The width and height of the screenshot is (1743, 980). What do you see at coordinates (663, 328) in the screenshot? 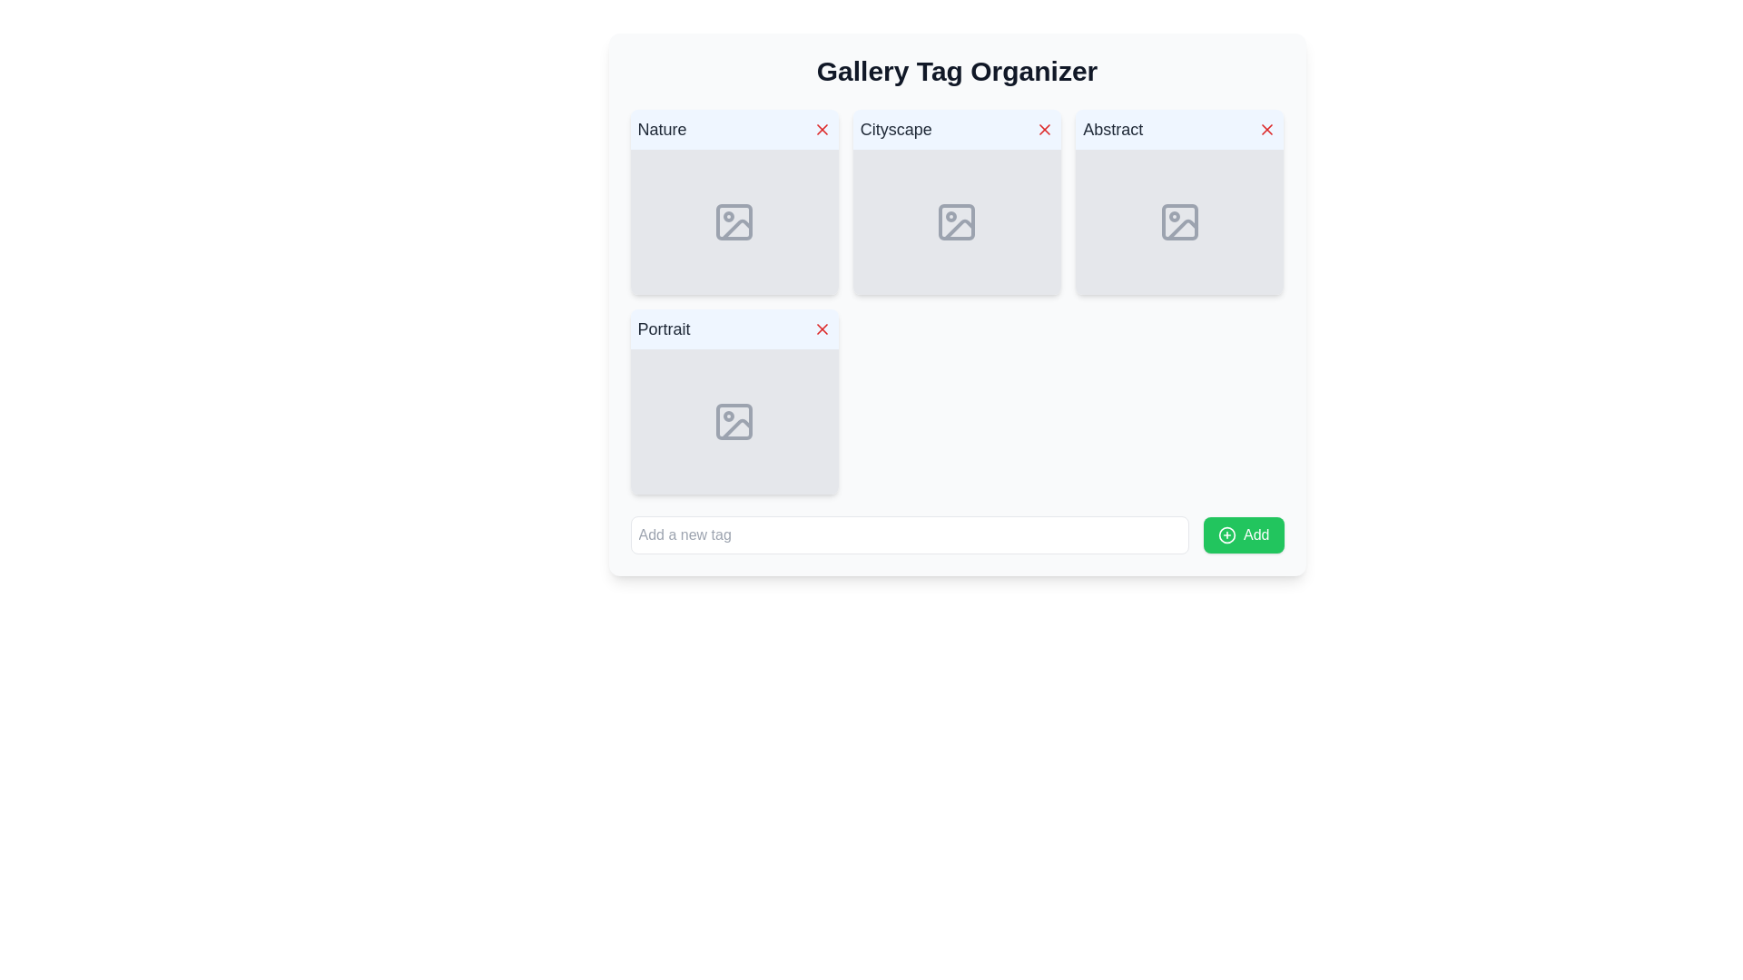
I see `the 'Portrait' text label, which is a bold gray text aligned to the left within a light blue header section` at bounding box center [663, 328].